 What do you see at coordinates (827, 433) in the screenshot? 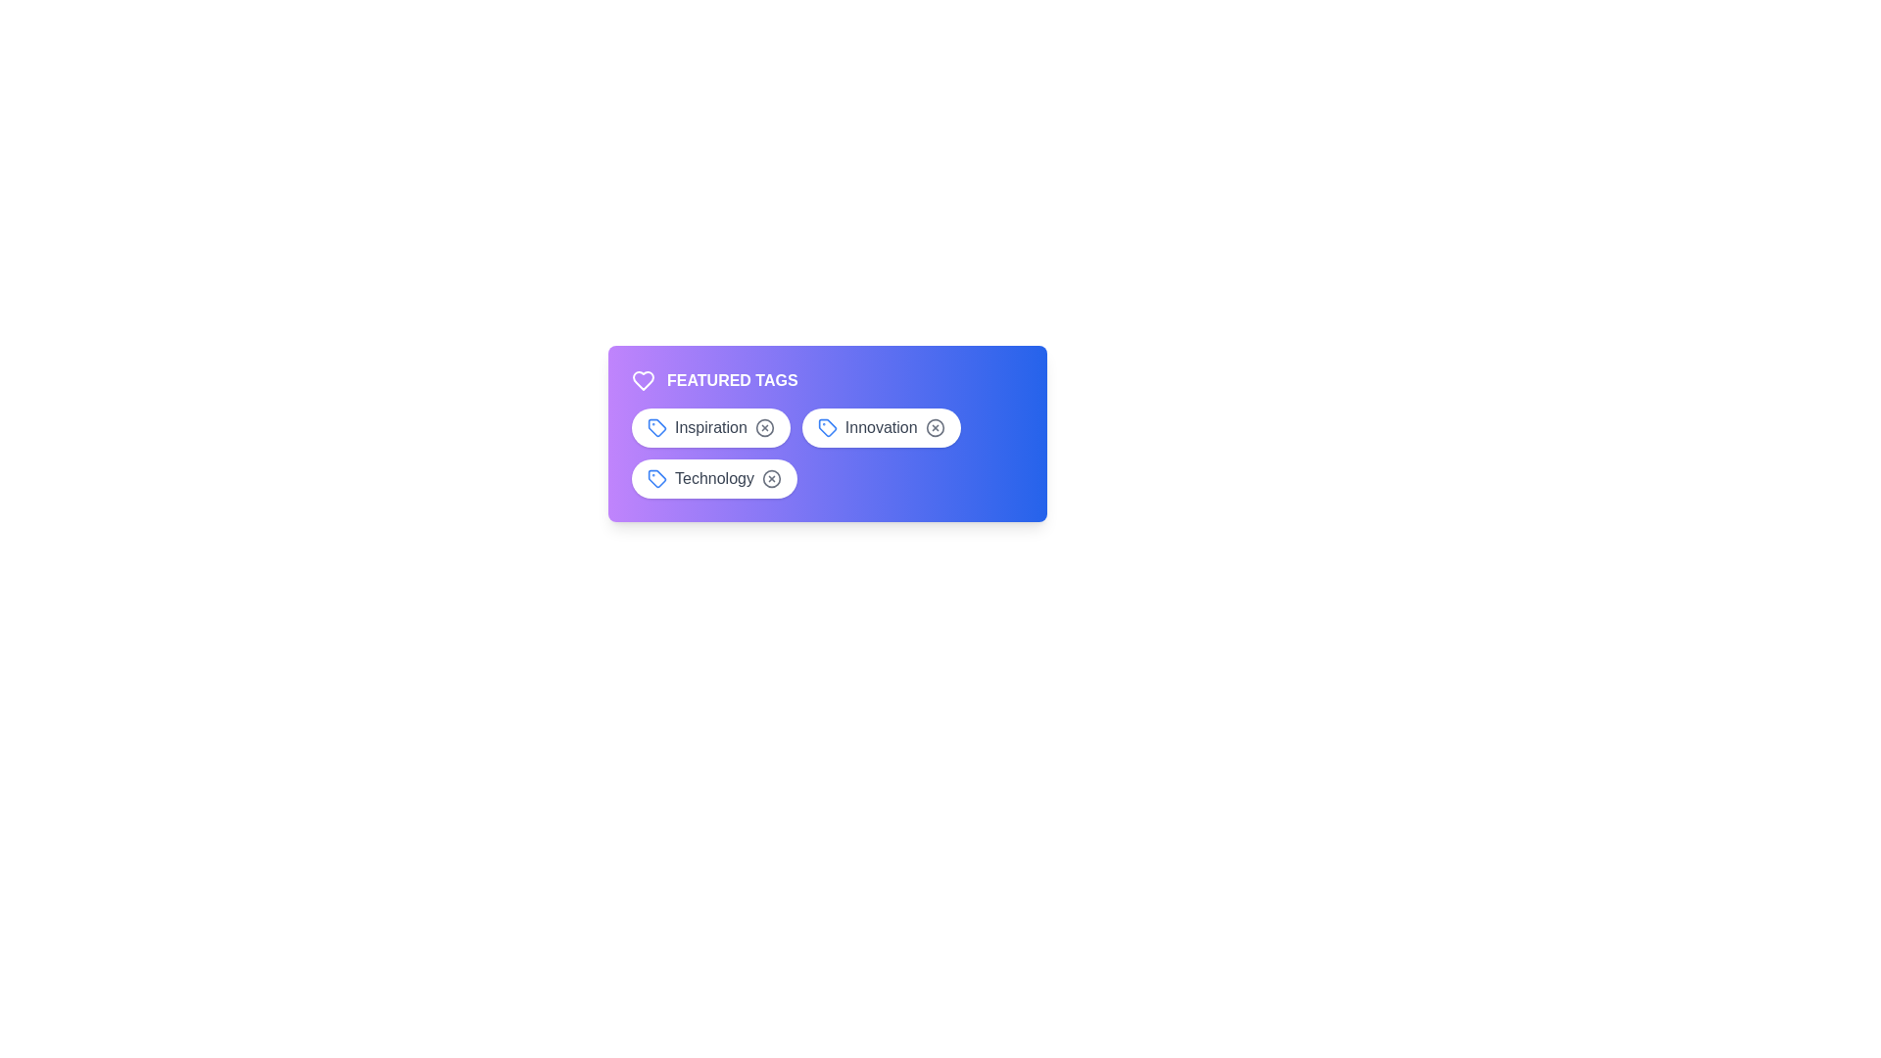
I see `the 'Innovation' tag label located centrally in the 'Featured Tags' section, positioned between the 'Inspiration' and 'Technology' labels` at bounding box center [827, 433].